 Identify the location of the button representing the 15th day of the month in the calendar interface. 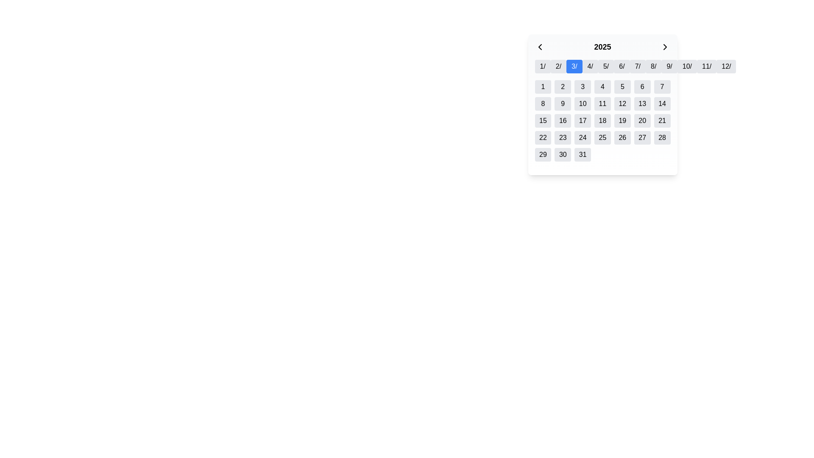
(543, 121).